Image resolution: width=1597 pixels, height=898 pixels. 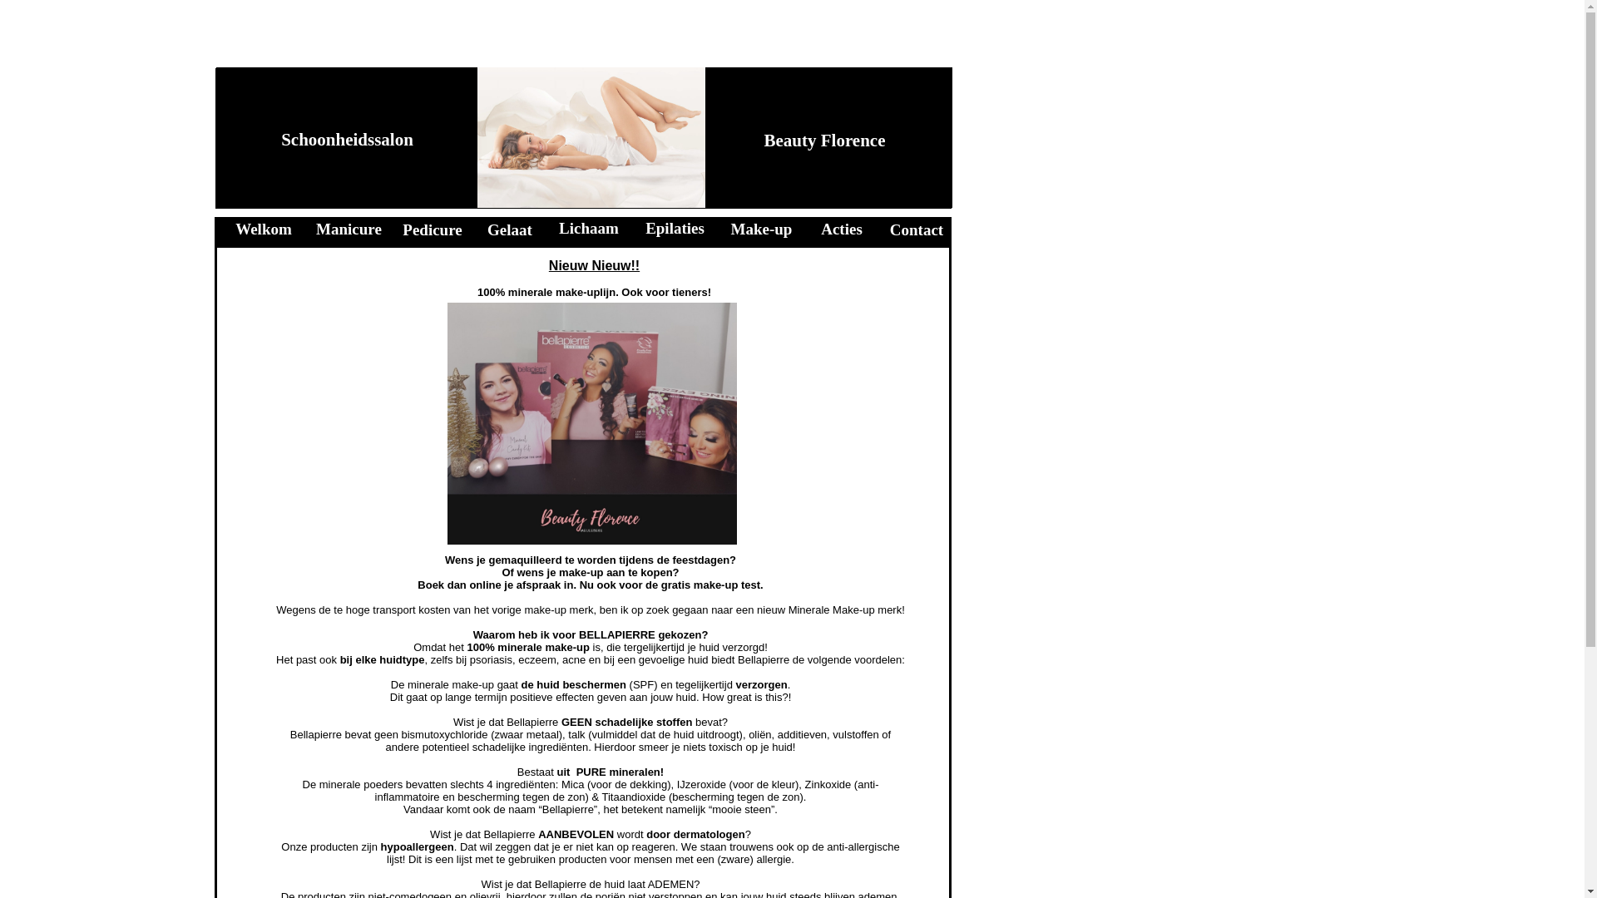 What do you see at coordinates (559, 228) in the screenshot?
I see `'Lichaam'` at bounding box center [559, 228].